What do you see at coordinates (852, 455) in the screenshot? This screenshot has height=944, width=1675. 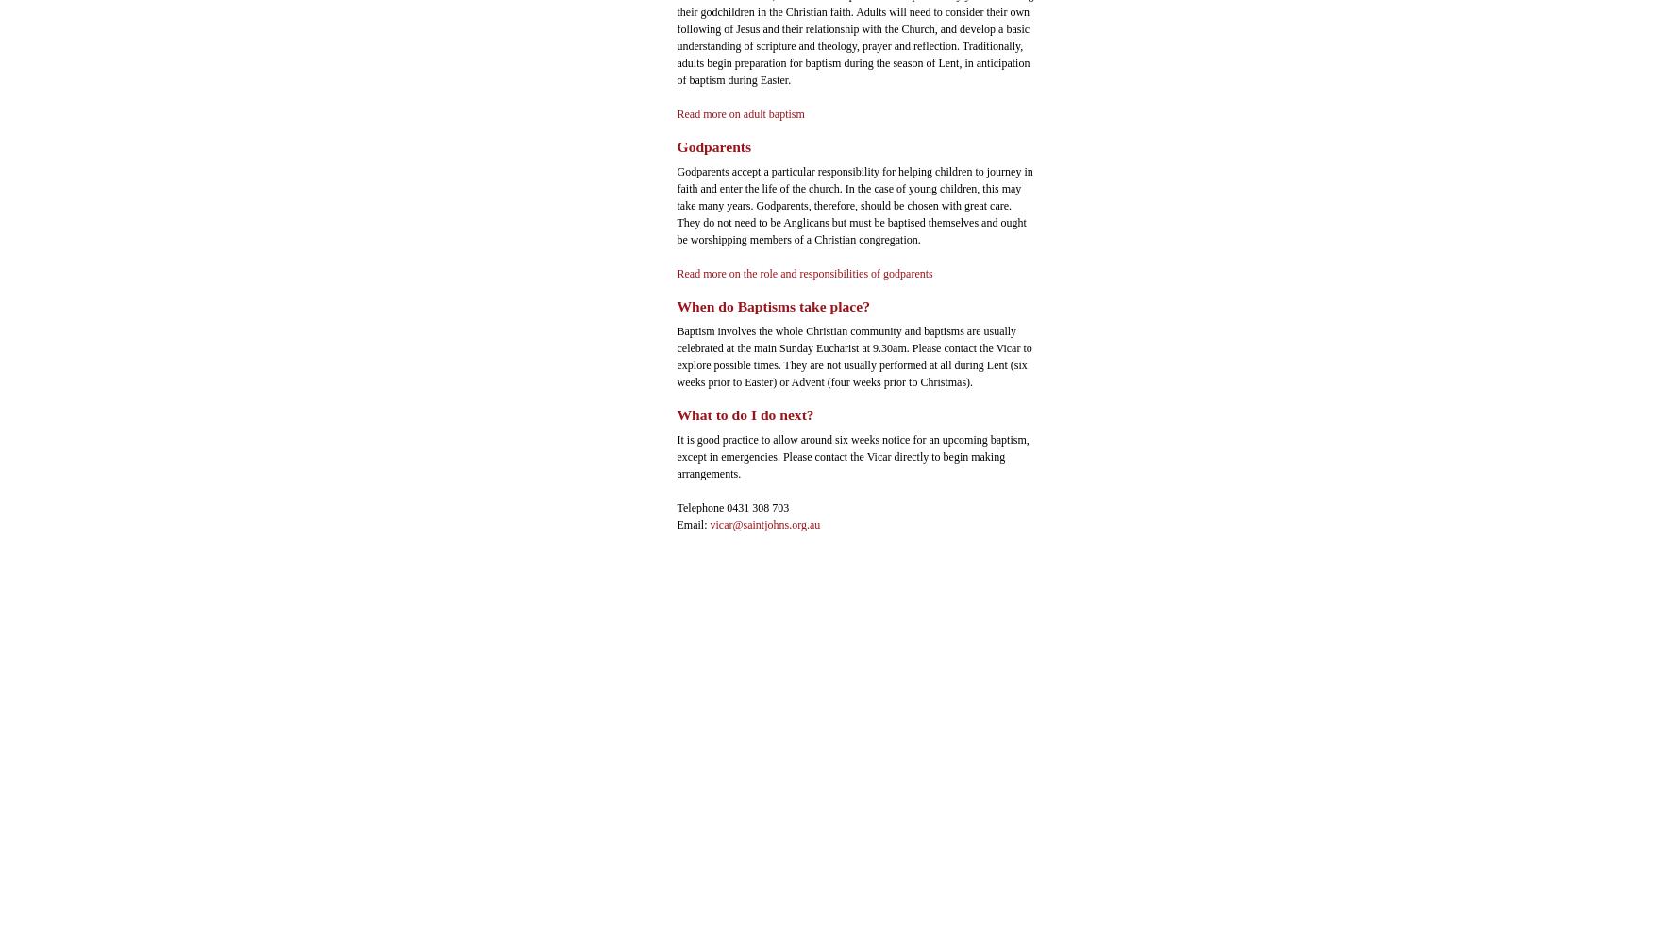 I see `'It is good practice to allow around six weeks notice for an upcoming baptism, except in emergencies. Please contact the Vicar directly to begin making arrangements.'` at bounding box center [852, 455].